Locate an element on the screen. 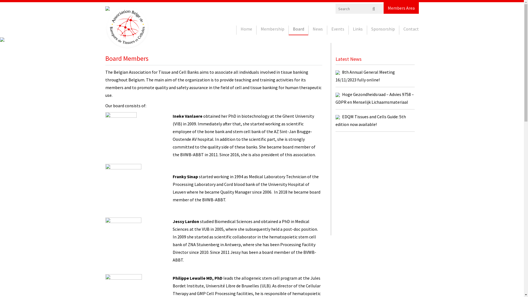  'Members Area' is located at coordinates (401, 8).